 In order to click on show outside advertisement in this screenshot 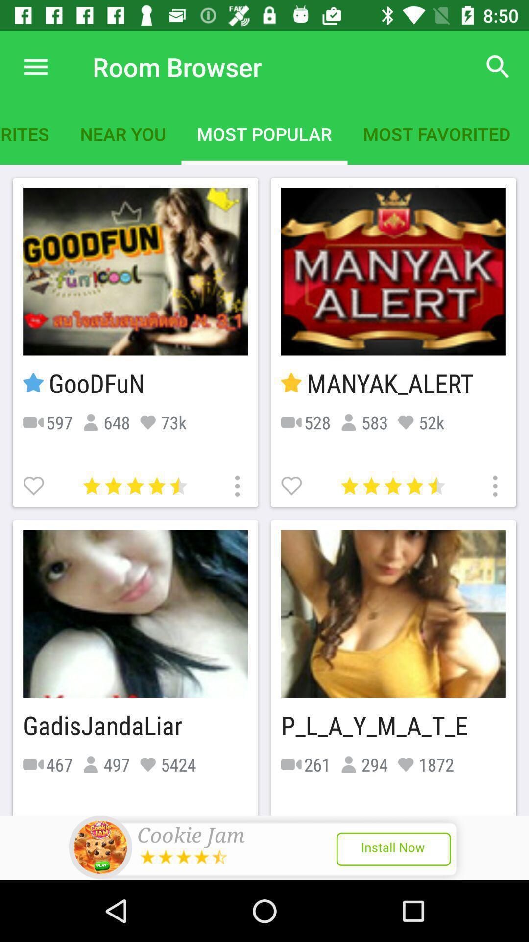, I will do `click(264, 847)`.